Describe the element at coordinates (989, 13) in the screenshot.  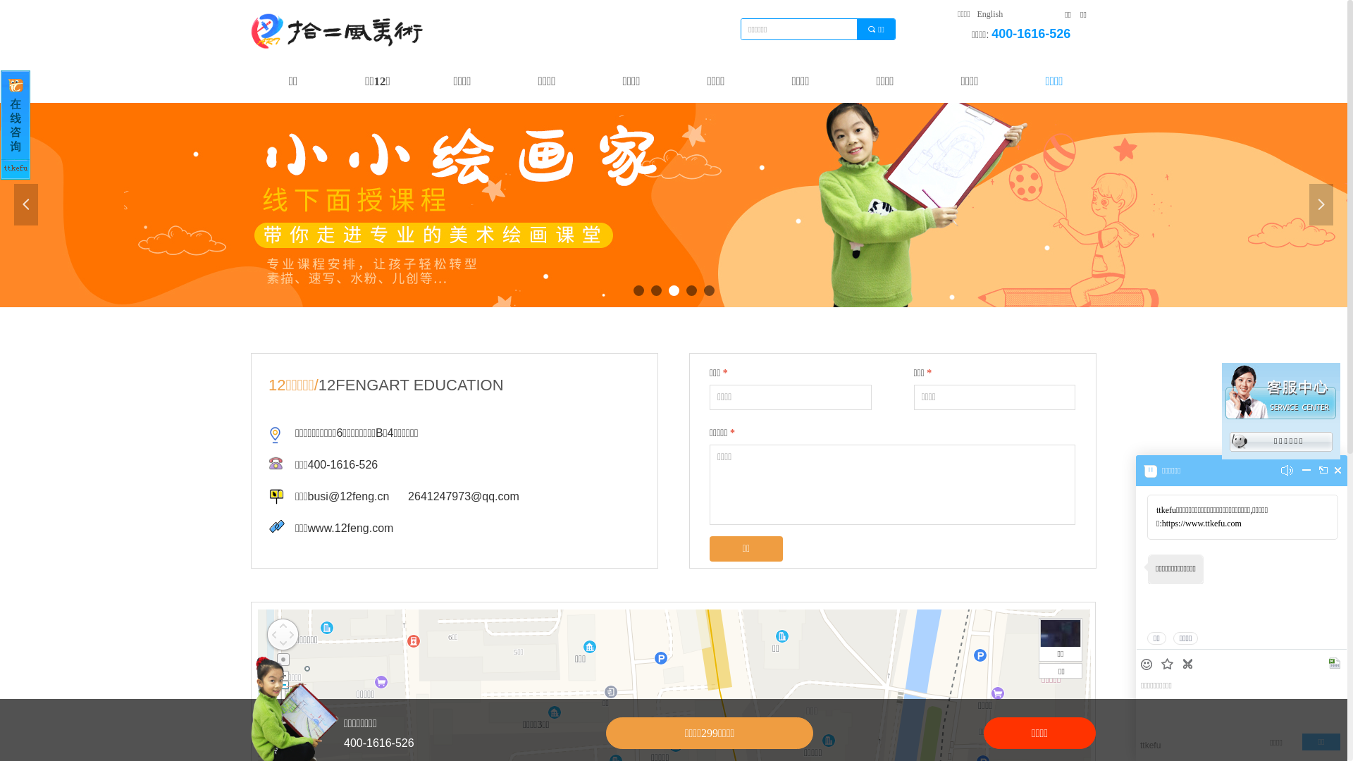
I see `'English'` at that location.